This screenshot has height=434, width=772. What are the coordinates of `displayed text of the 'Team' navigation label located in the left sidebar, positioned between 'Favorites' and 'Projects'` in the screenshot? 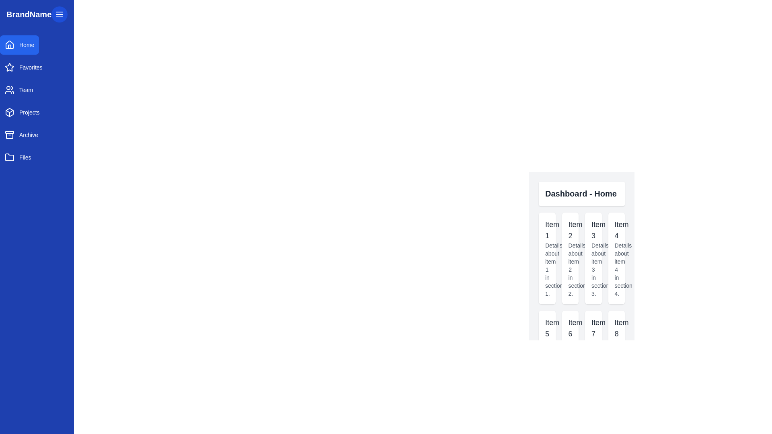 It's located at (26, 90).